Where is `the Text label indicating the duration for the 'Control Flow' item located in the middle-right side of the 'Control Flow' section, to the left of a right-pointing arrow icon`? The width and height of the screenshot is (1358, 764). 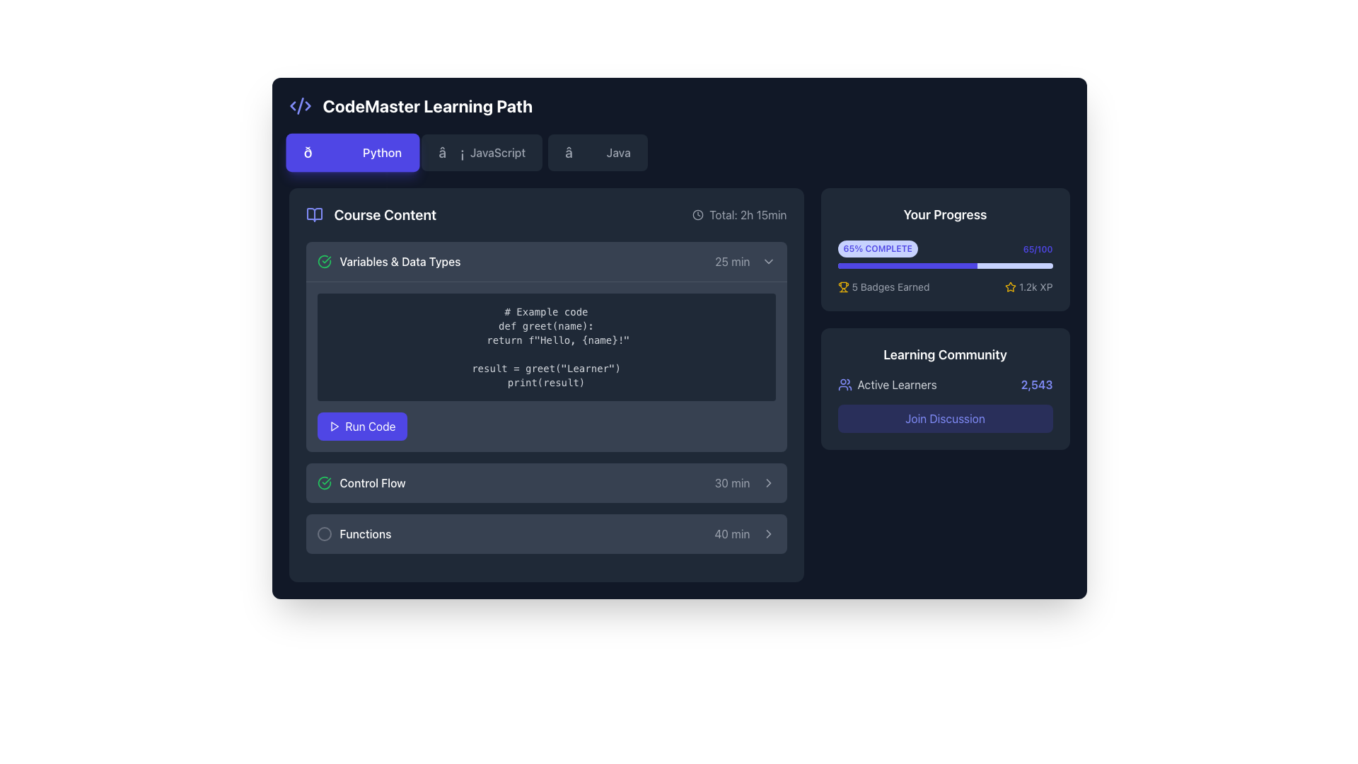
the Text label indicating the duration for the 'Control Flow' item located in the middle-right side of the 'Control Flow' section, to the left of a right-pointing arrow icon is located at coordinates (732, 482).